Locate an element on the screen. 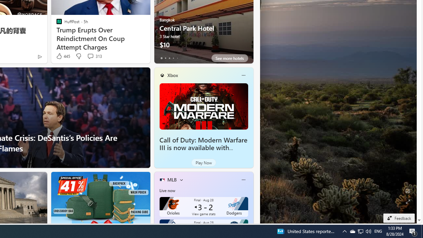  'MLB' is located at coordinates (172, 179).